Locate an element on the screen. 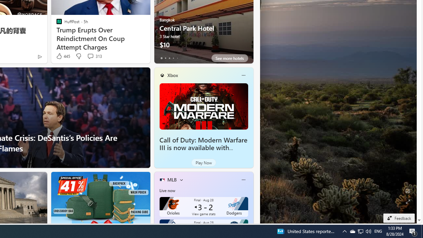  'MLB' is located at coordinates (172, 179).